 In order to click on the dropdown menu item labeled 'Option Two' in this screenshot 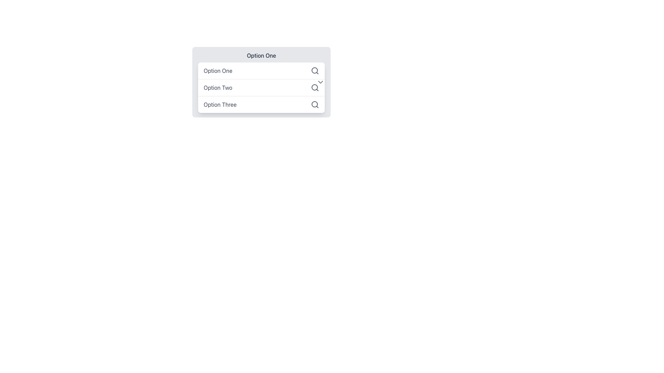, I will do `click(261, 82)`.